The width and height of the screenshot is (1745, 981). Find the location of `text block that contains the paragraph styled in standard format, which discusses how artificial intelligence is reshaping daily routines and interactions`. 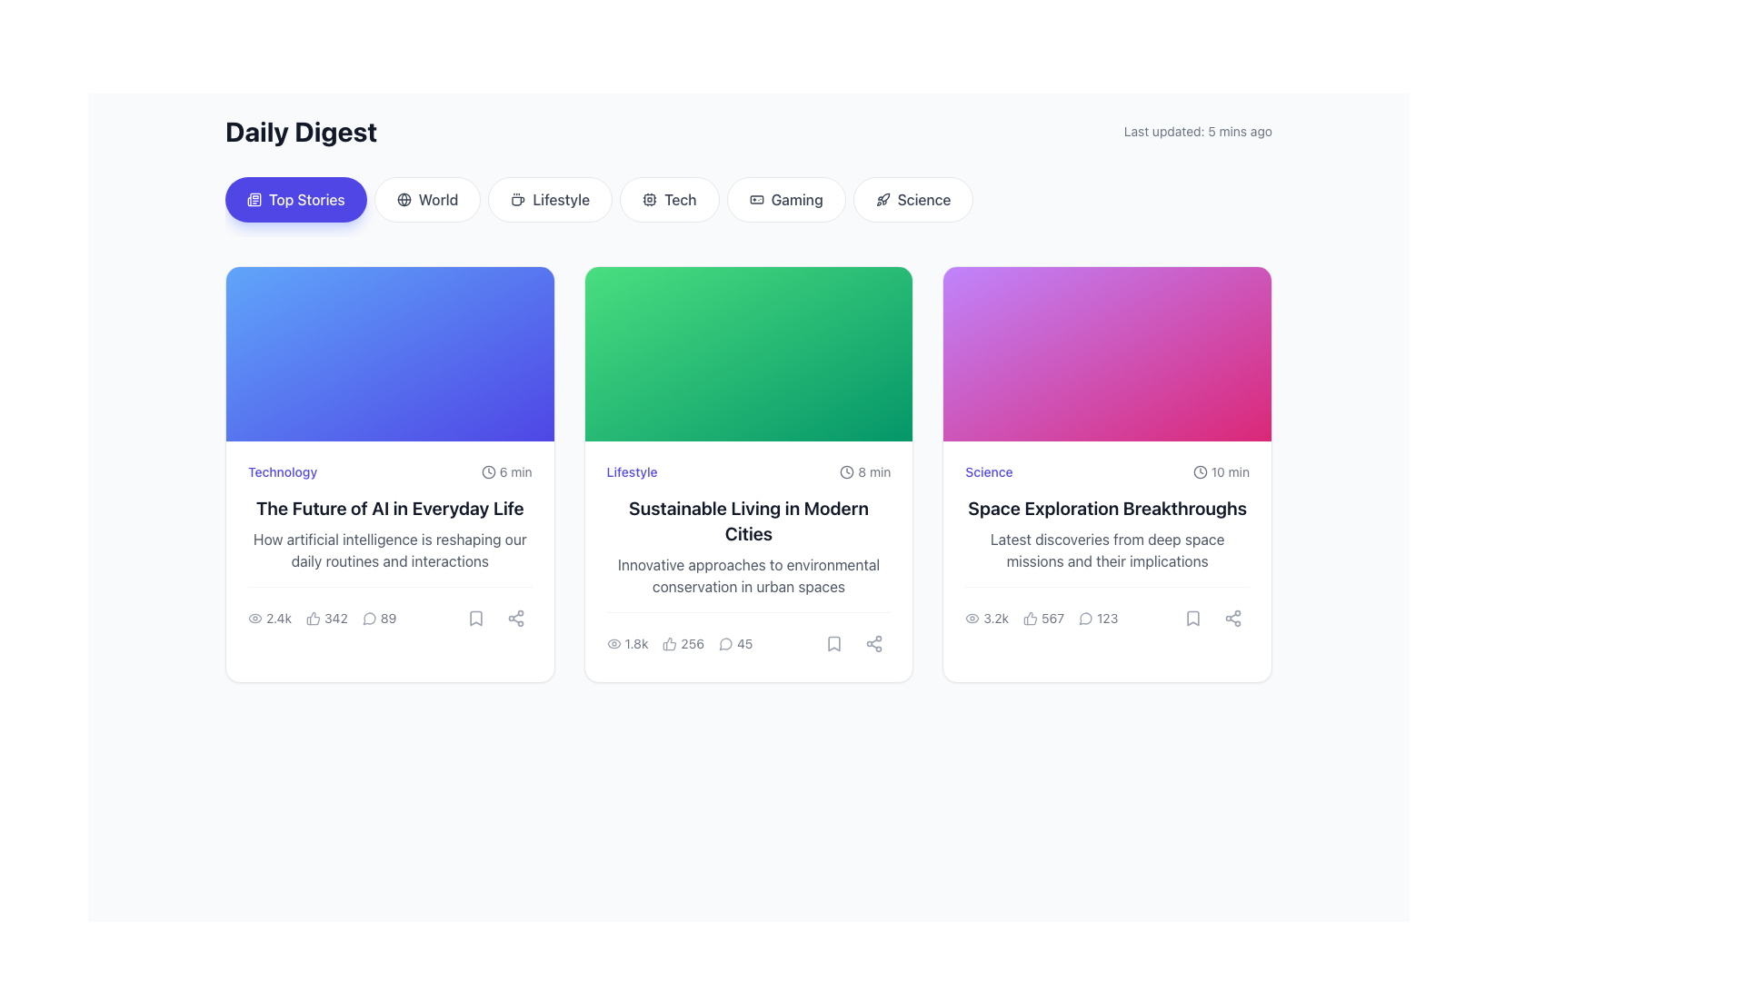

text block that contains the paragraph styled in standard format, which discusses how artificial intelligence is reshaping daily routines and interactions is located at coordinates (389, 549).